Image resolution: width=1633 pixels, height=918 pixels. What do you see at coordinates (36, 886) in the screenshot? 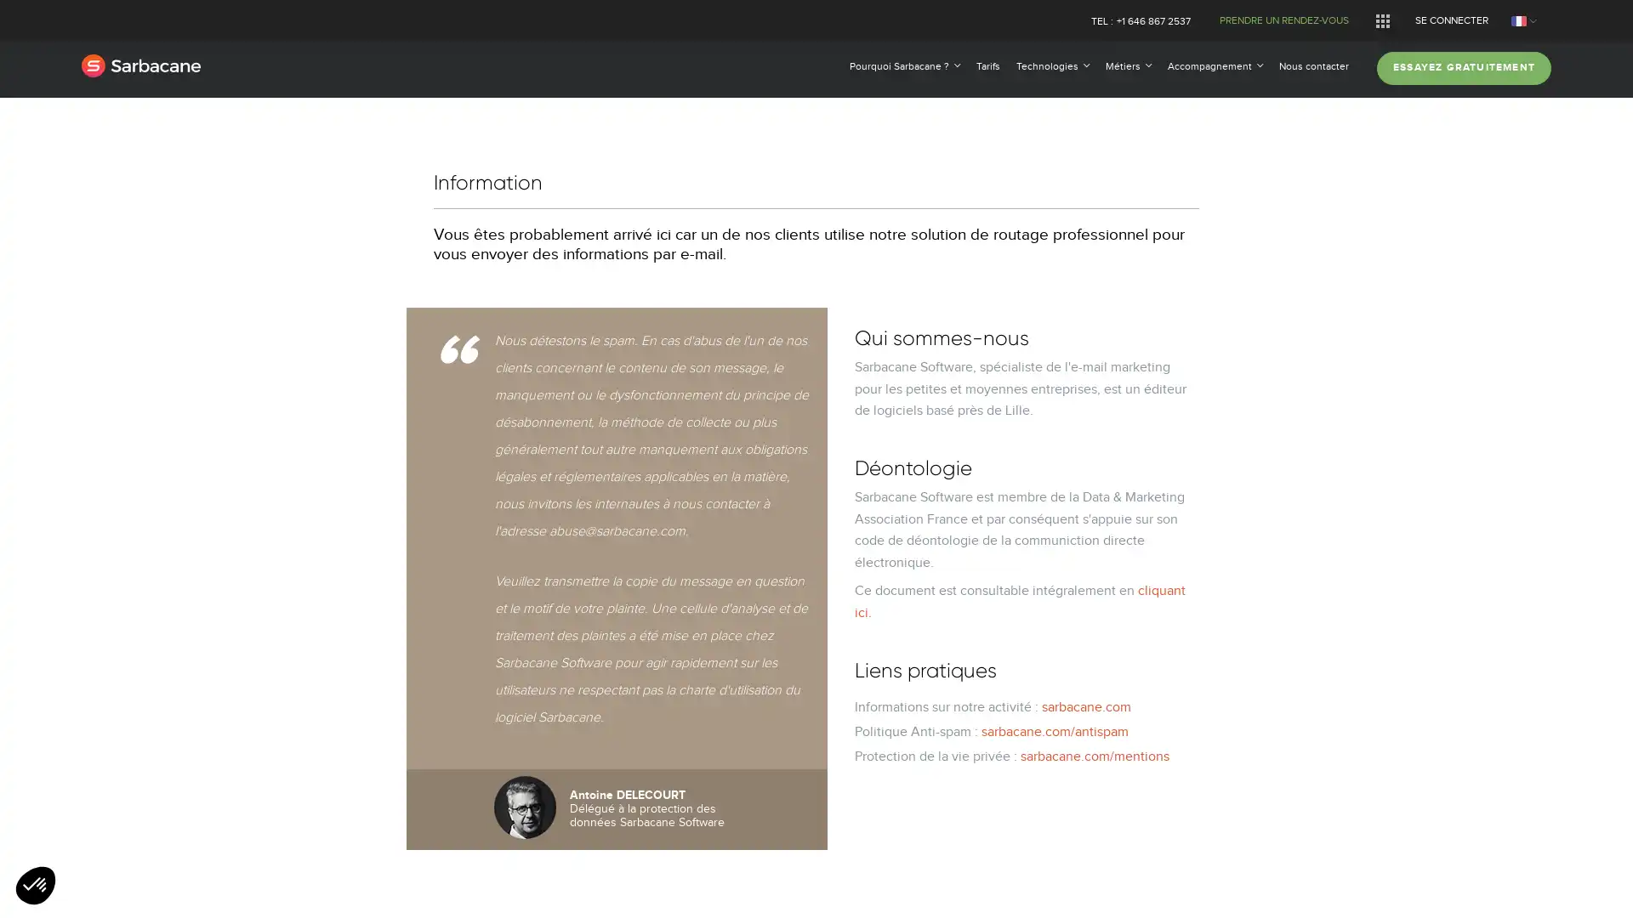
I see `Manage your preferences about cookies` at bounding box center [36, 886].